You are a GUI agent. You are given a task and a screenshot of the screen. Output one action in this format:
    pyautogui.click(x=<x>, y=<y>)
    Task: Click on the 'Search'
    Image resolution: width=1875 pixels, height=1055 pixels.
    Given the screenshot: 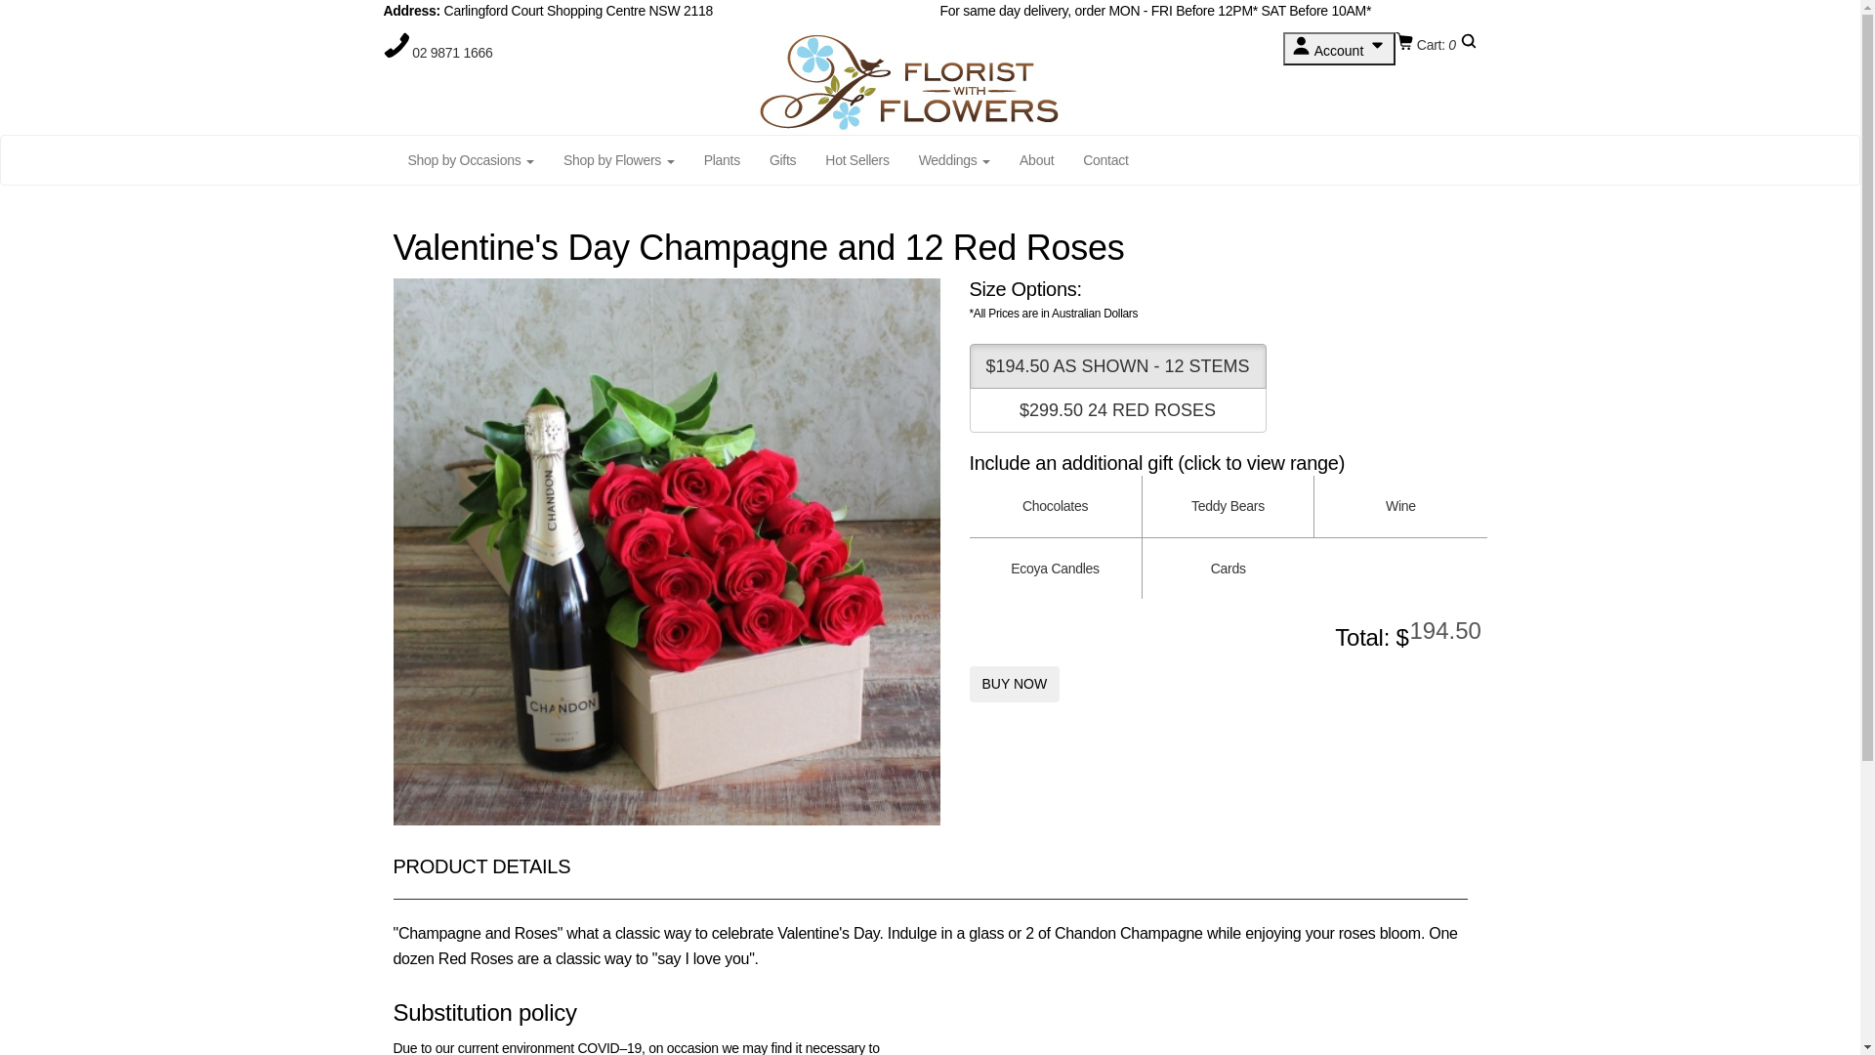 What is the action you would take?
    pyautogui.click(x=1467, y=44)
    